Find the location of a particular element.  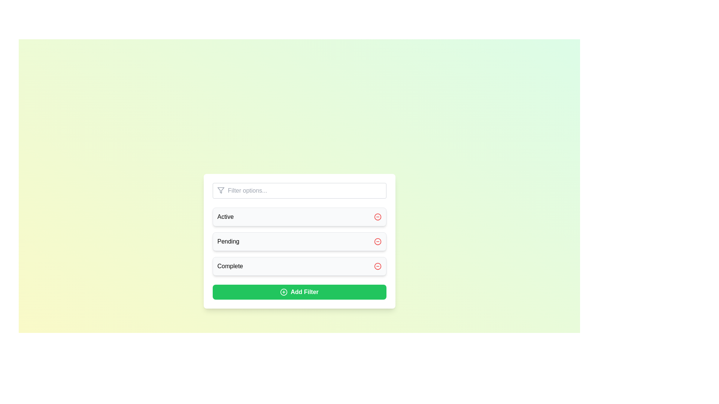

the text label indicating 'Pending', which is the second item in a vertical list of three items, positioned below 'Active' and above 'Complete' is located at coordinates (228, 241).